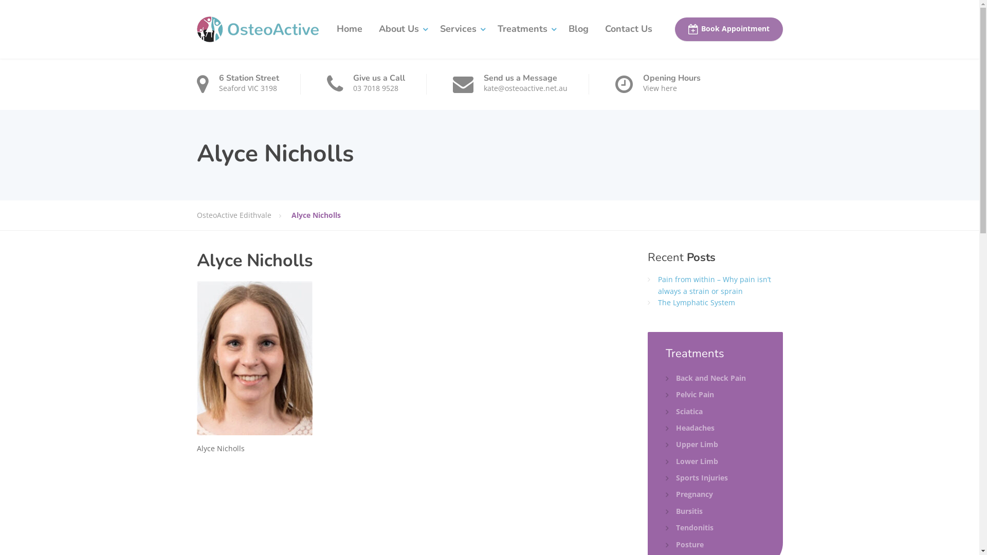 The image size is (987, 555). Describe the element at coordinates (628, 29) in the screenshot. I see `'Contact Us'` at that location.